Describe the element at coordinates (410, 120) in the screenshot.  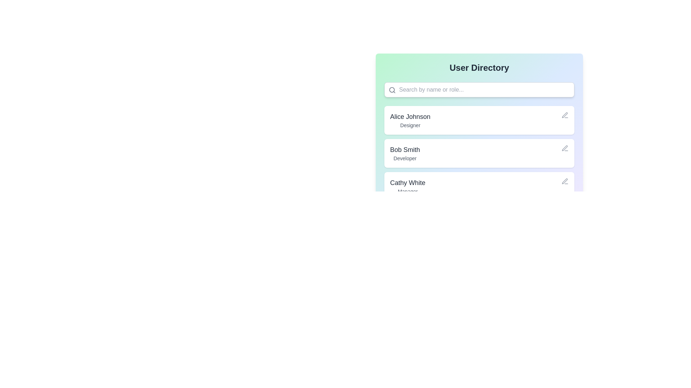
I see `the Text Label that serves as a user identifier, displaying the name and role of a person in the directory, located at the top entry in the 'User Directory' section` at that location.